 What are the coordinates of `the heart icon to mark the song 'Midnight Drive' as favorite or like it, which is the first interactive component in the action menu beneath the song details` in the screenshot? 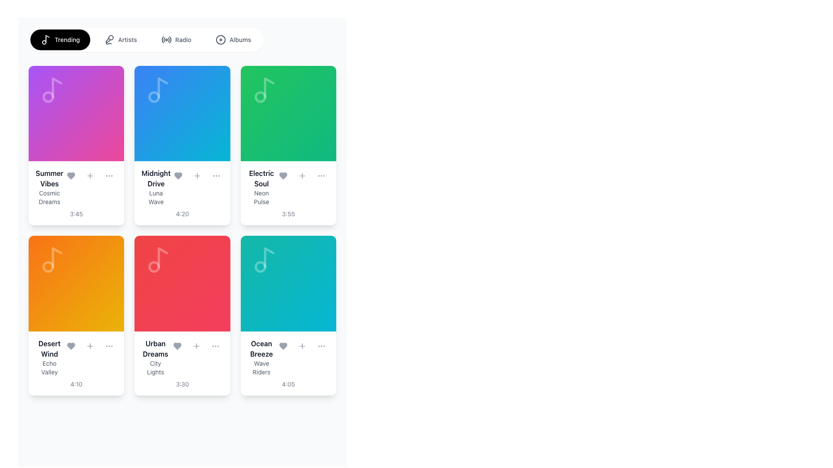 It's located at (178, 175).